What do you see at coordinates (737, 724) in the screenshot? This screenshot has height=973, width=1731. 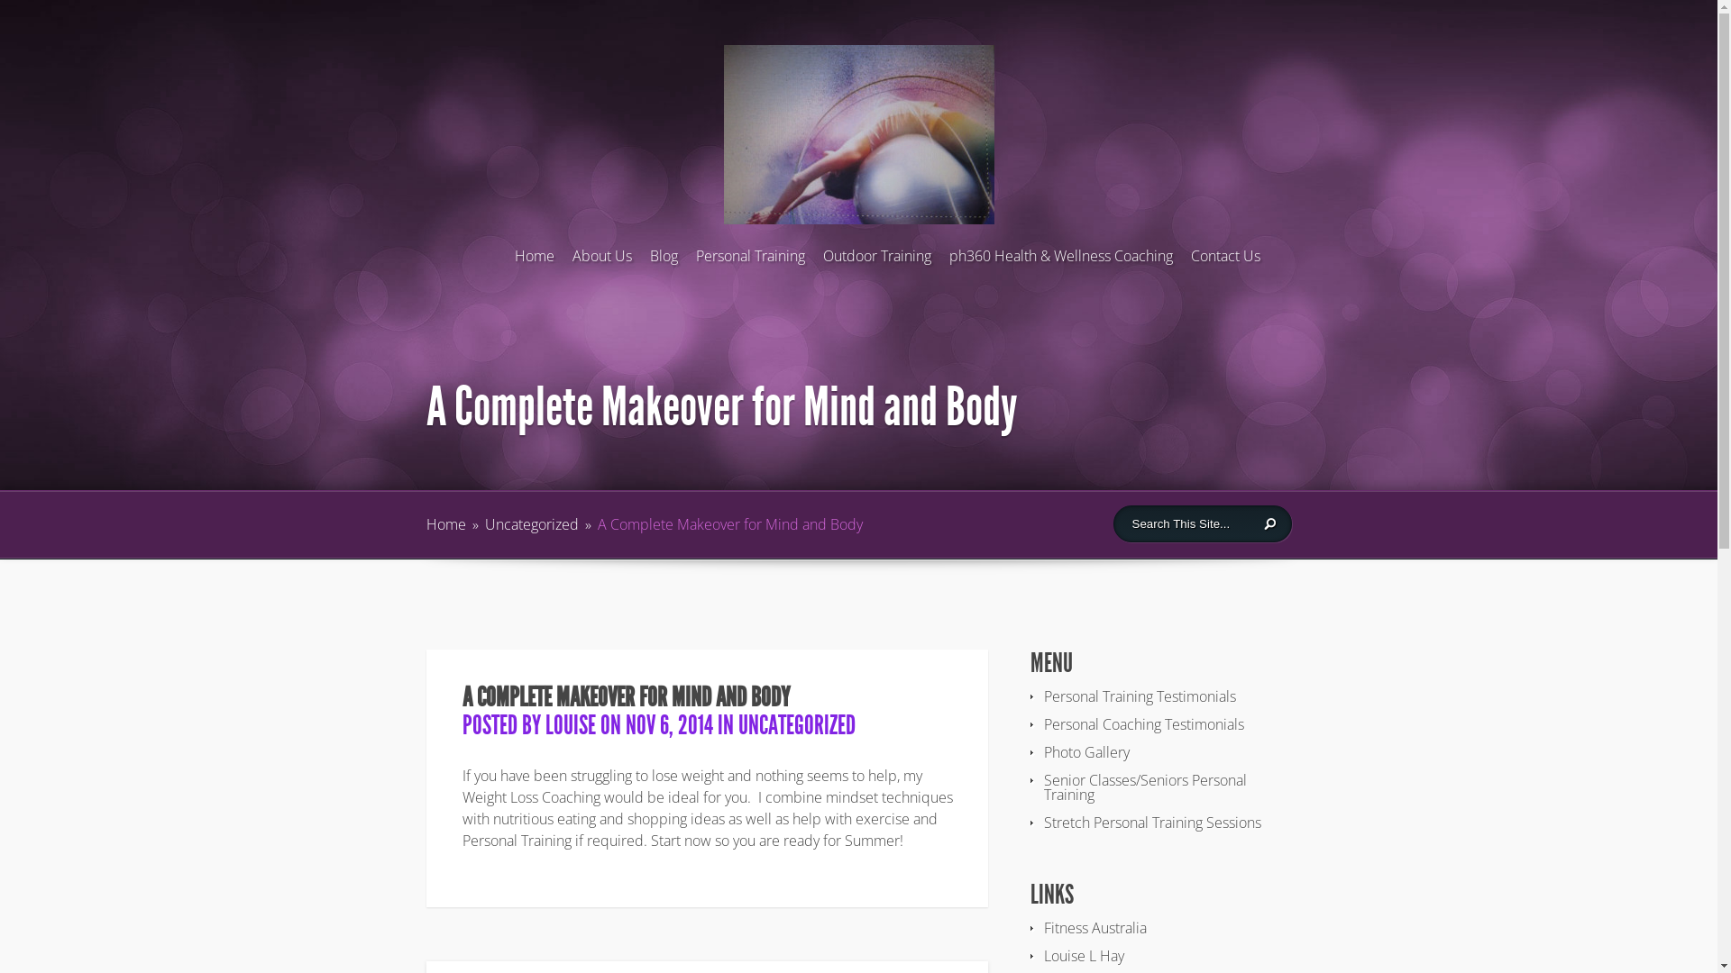 I see `'UNCATEGORIZED'` at bounding box center [737, 724].